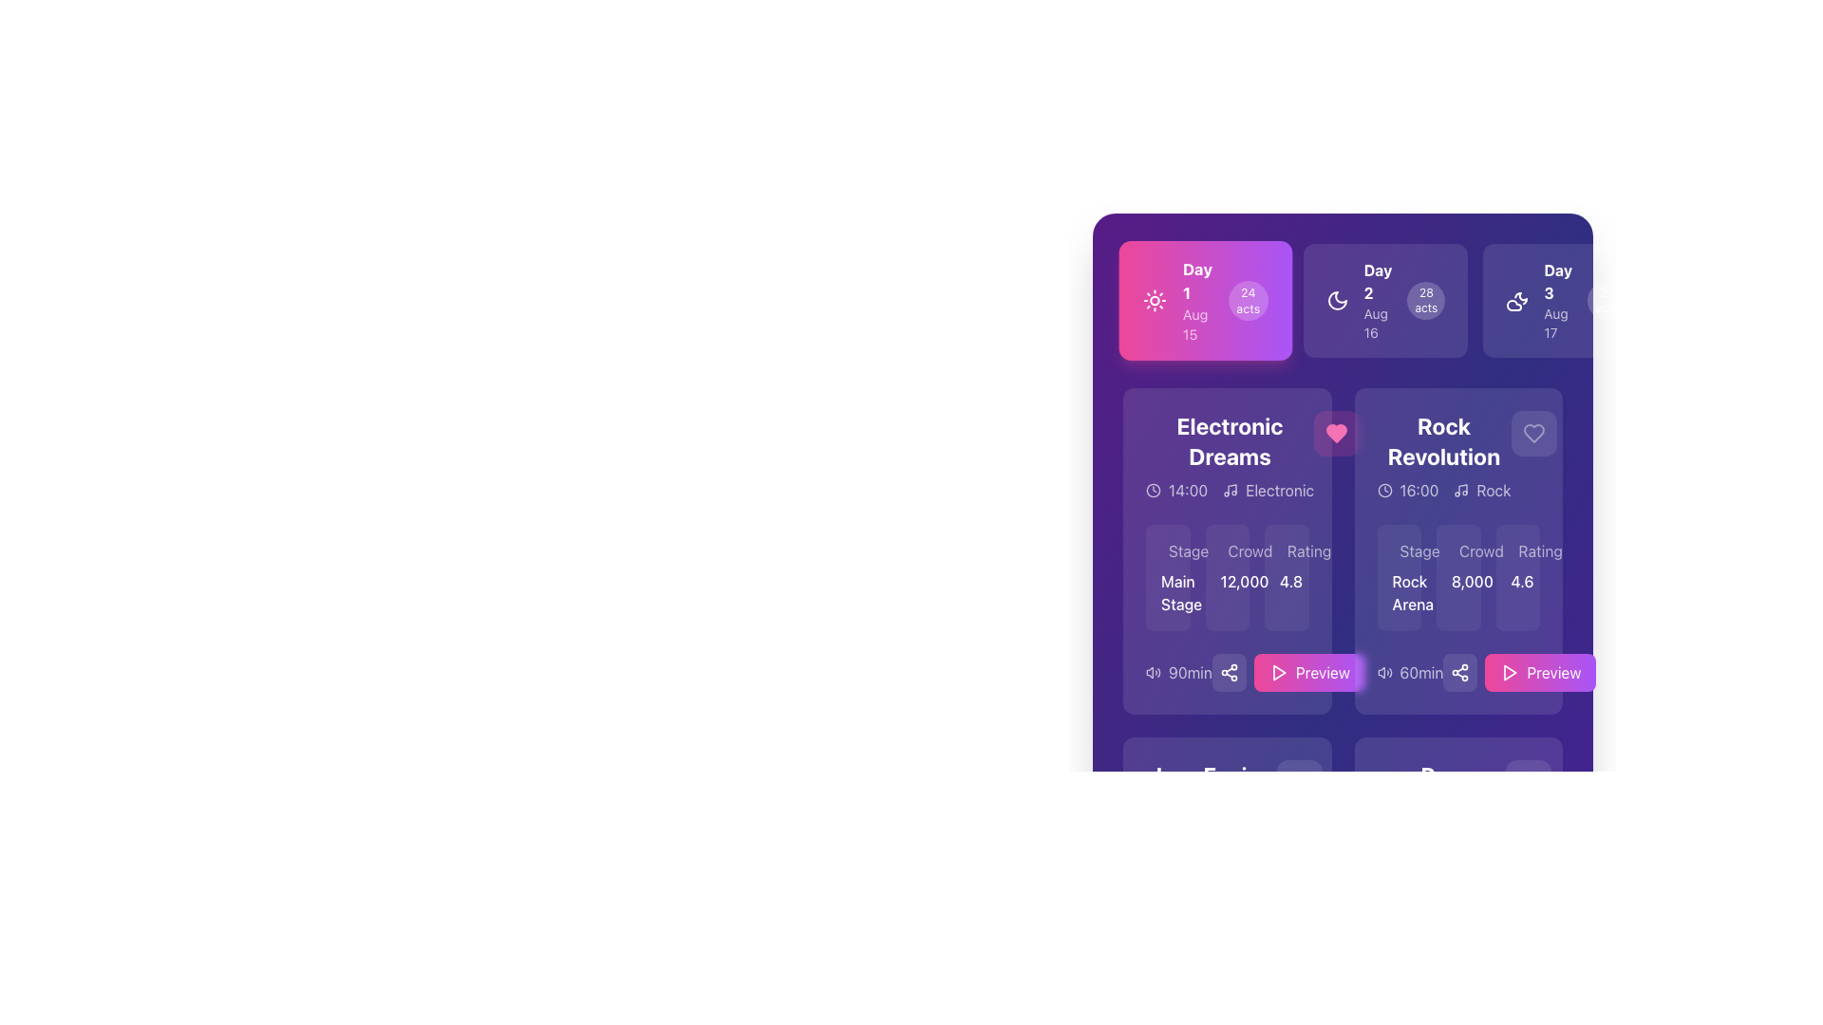  I want to click on the rating score text displaying a score of 4.6 for the 'Rock Revolution' event in the third column of the grid layout, so click(1516, 577).